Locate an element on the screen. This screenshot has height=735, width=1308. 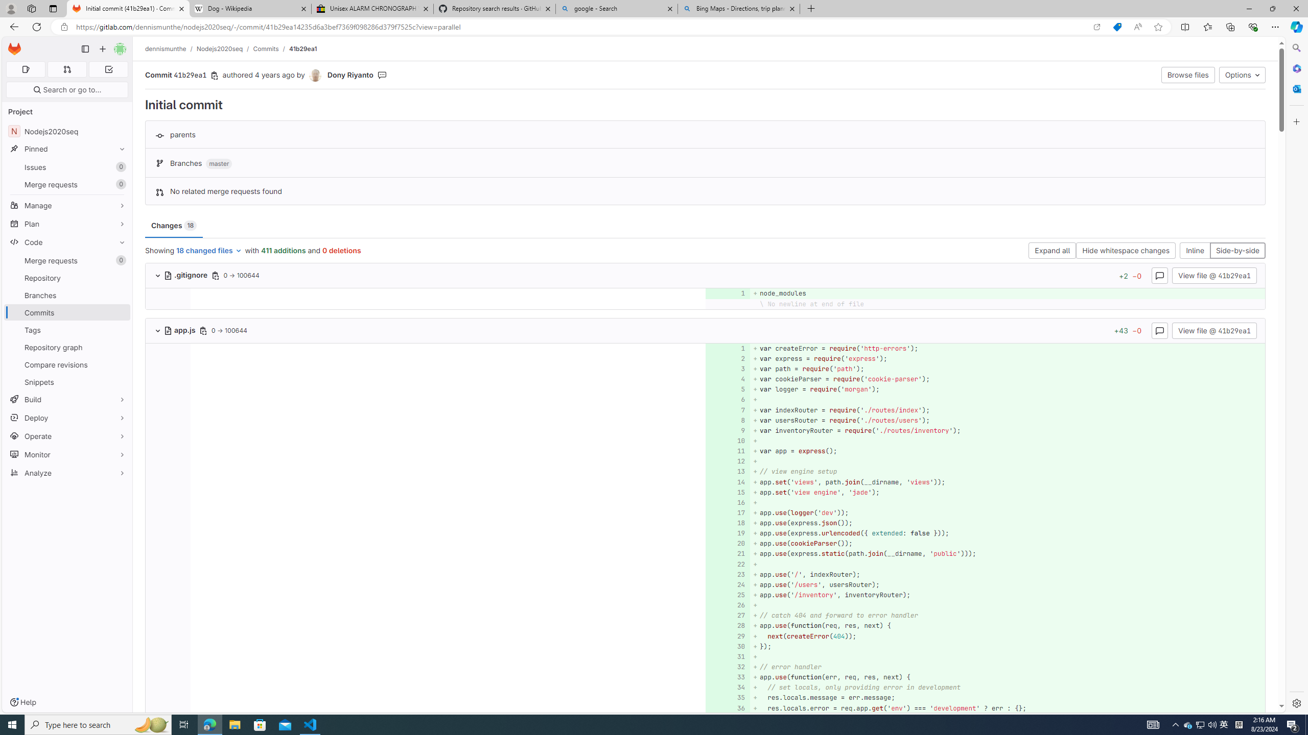
'Changes 18' is located at coordinates (173, 225).